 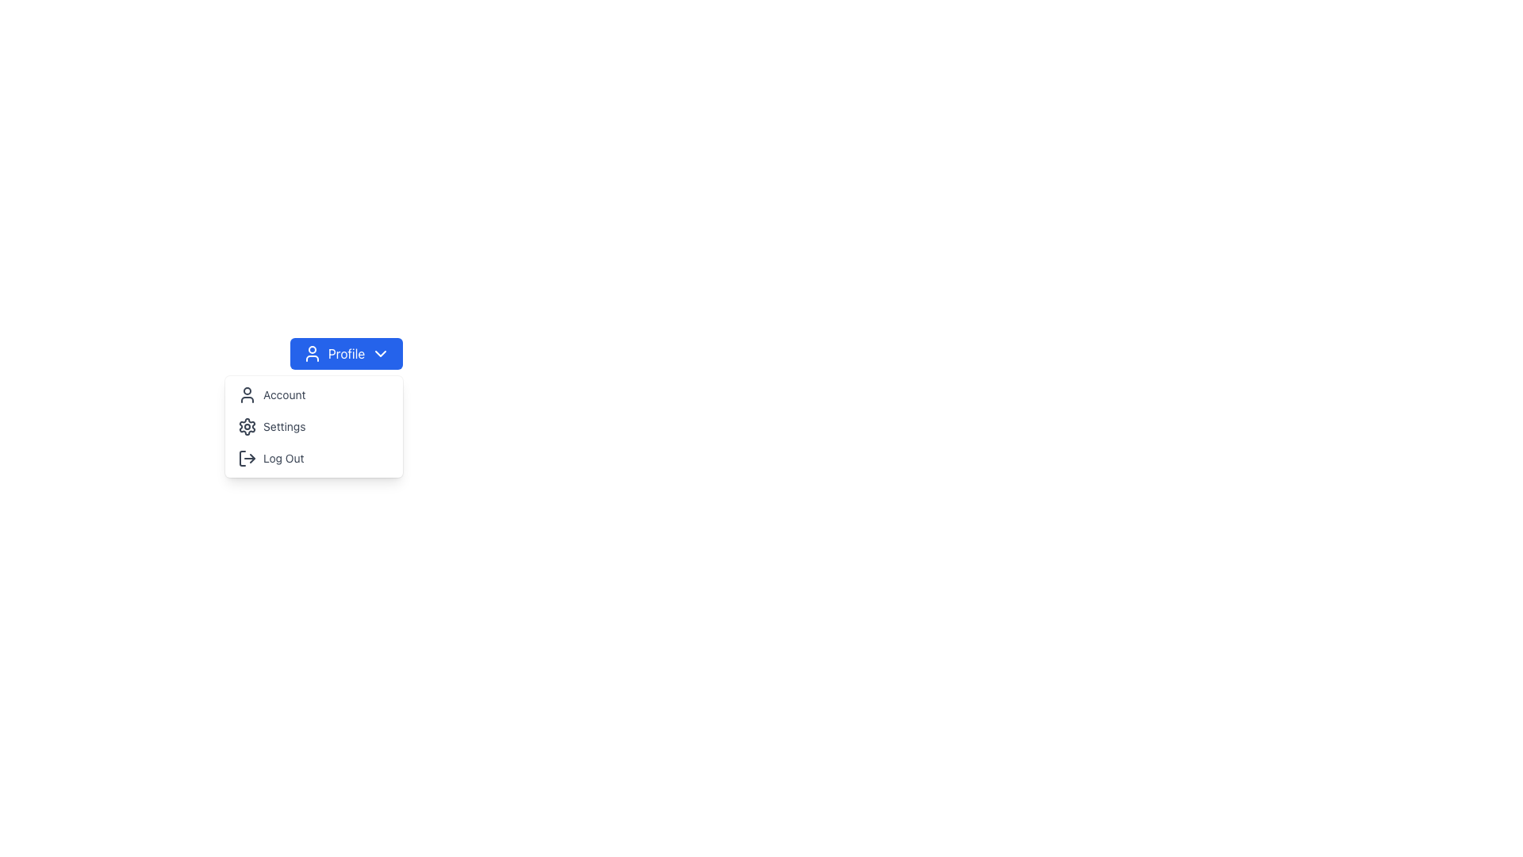 I want to click on the downward pointing chevron icon located to the right of the 'Profile' button, so click(x=381, y=353).